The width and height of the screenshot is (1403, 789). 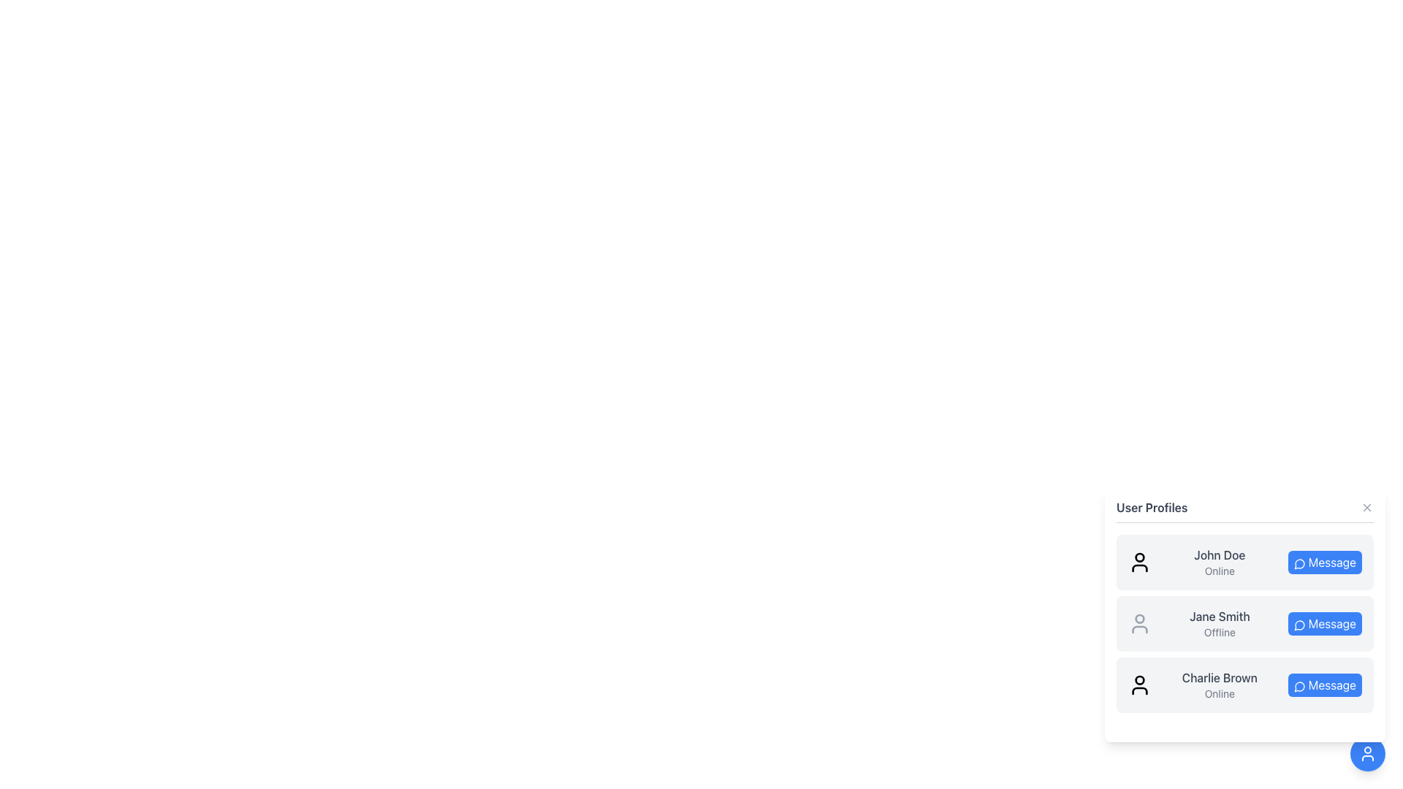 I want to click on the small 'X' icon in the top-right corner of the 'User Profiles' section header, so click(x=1366, y=506).